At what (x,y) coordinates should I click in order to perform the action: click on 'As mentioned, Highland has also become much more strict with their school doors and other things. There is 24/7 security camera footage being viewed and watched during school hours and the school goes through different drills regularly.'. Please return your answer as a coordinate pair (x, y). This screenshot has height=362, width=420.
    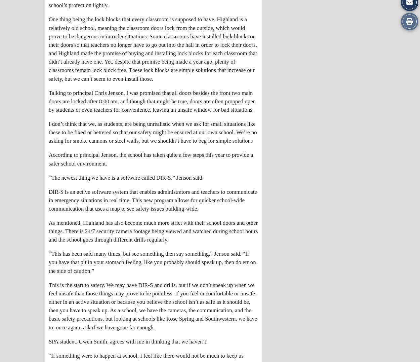
    Looking at the image, I should click on (153, 231).